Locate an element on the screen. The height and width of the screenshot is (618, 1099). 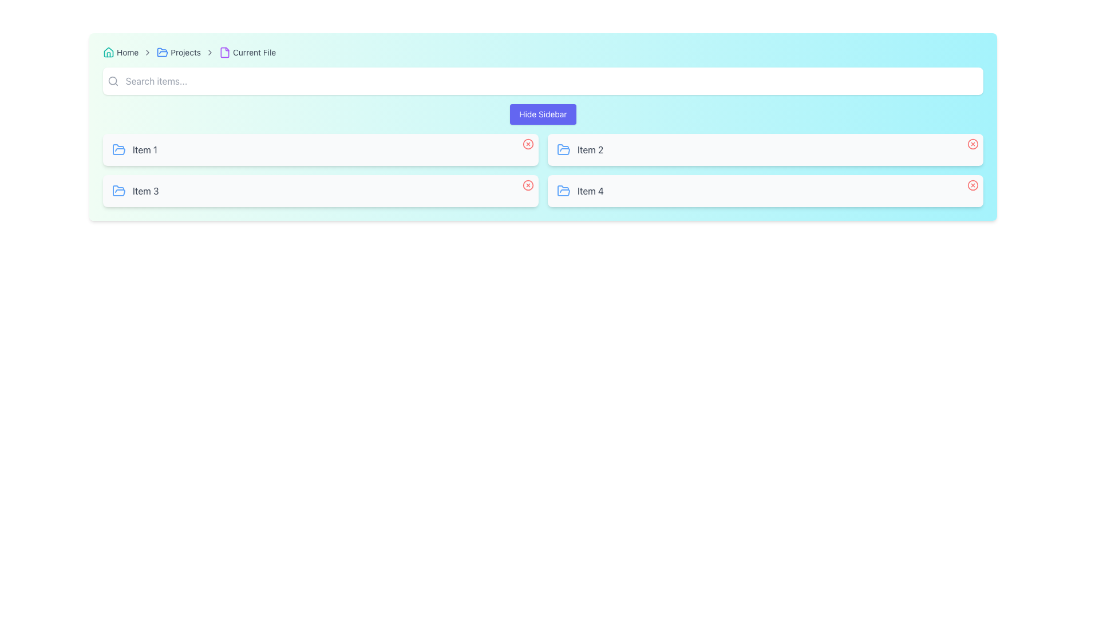
the minimalist light blue folder icon located next to the text 'Item 2' is located at coordinates (563, 149).